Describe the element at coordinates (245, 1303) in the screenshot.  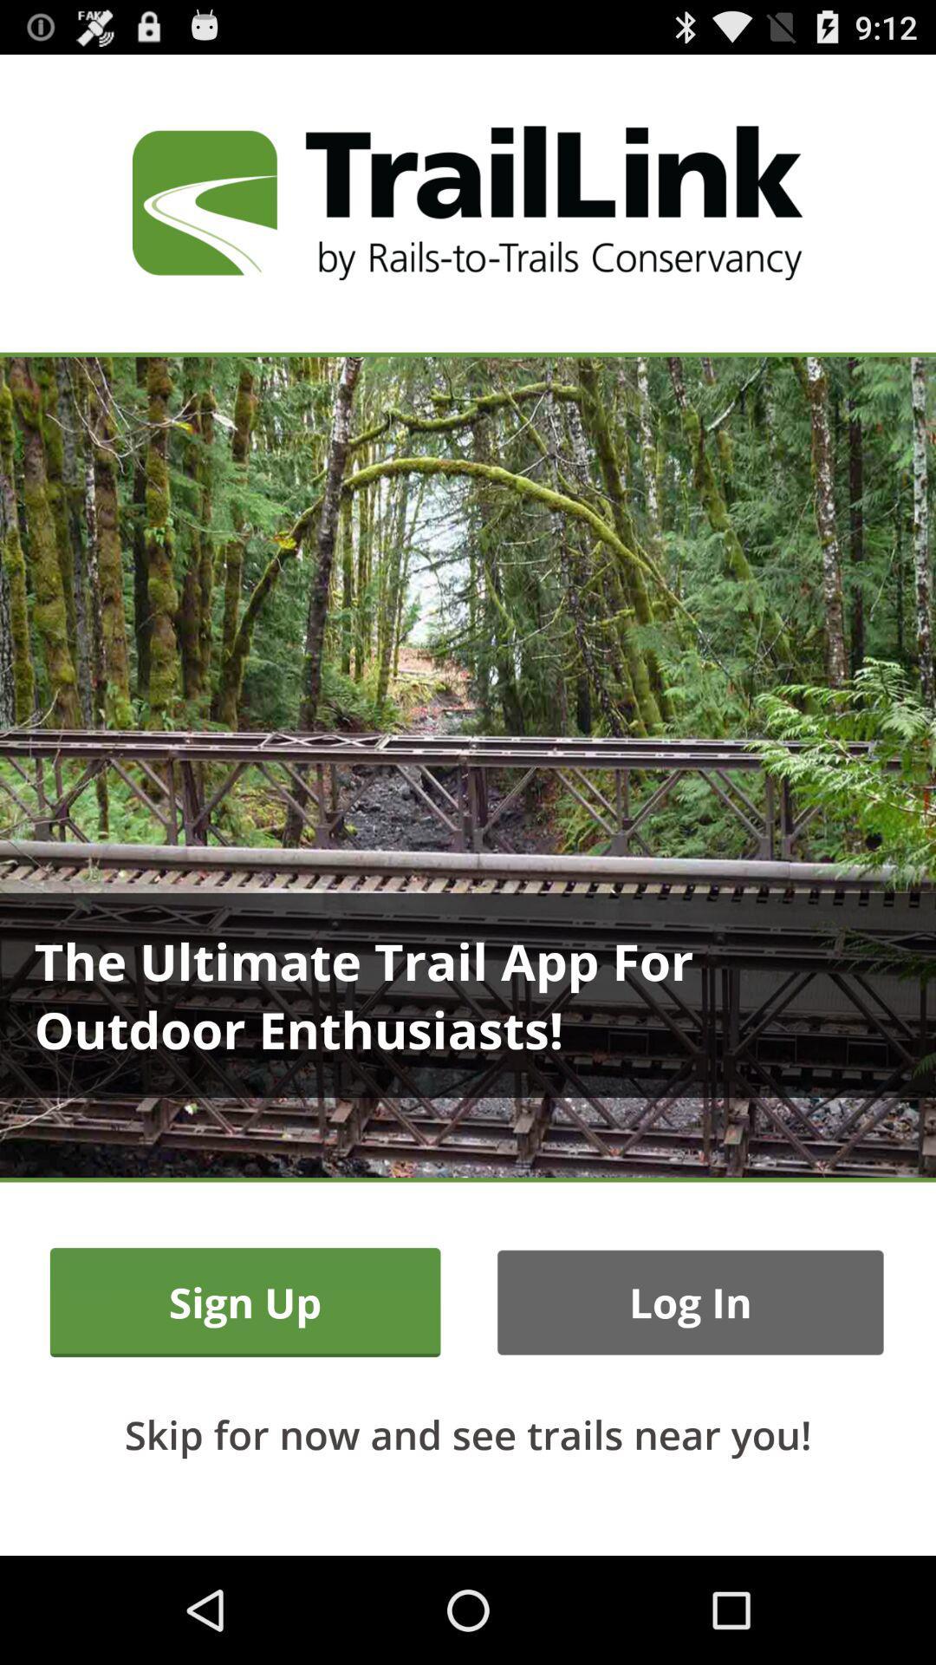
I see `the sign up at the bottom left corner` at that location.